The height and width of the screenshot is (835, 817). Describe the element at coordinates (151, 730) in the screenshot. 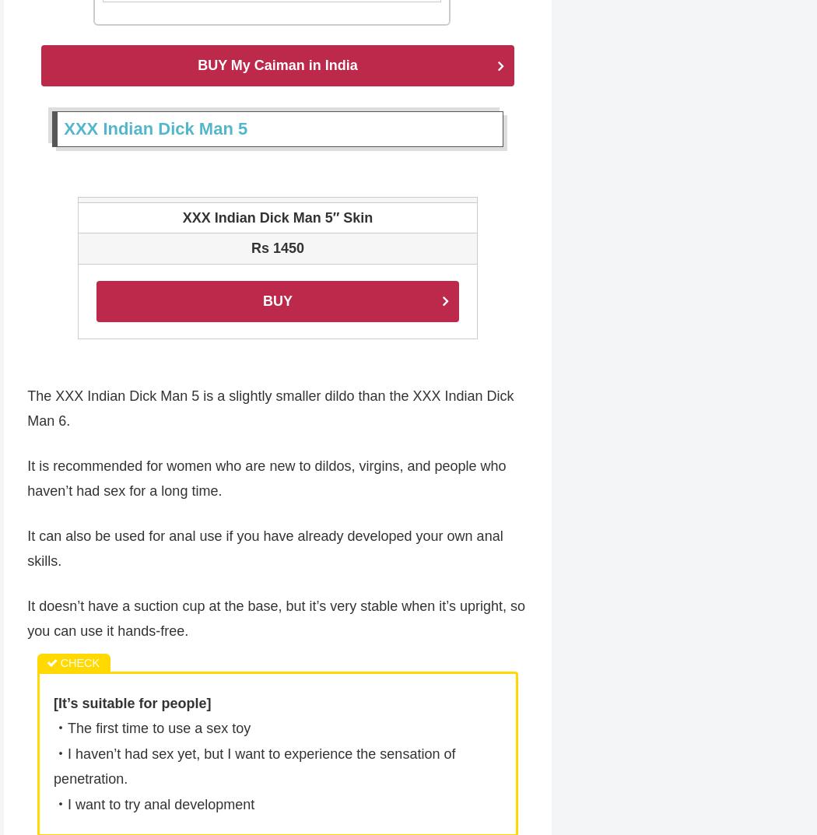

I see `'・The first time to use a sex toy'` at that location.